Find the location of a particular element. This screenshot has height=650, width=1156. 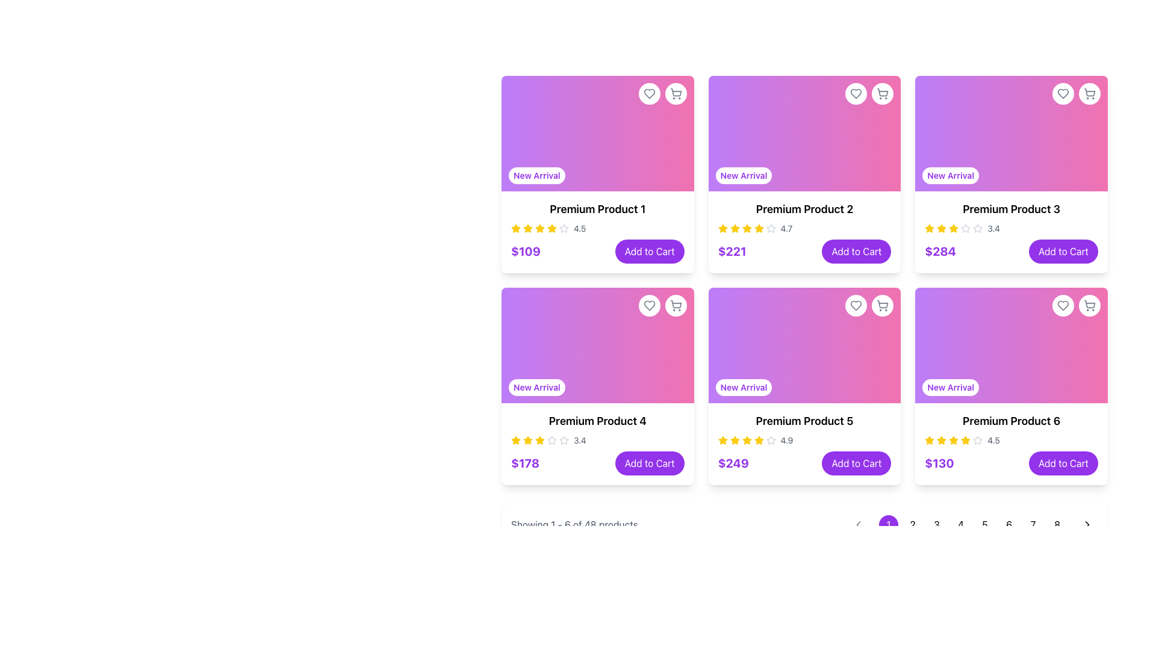

the card containing the product details summary for 'Premium Product 6' within the interface is located at coordinates (1011, 444).